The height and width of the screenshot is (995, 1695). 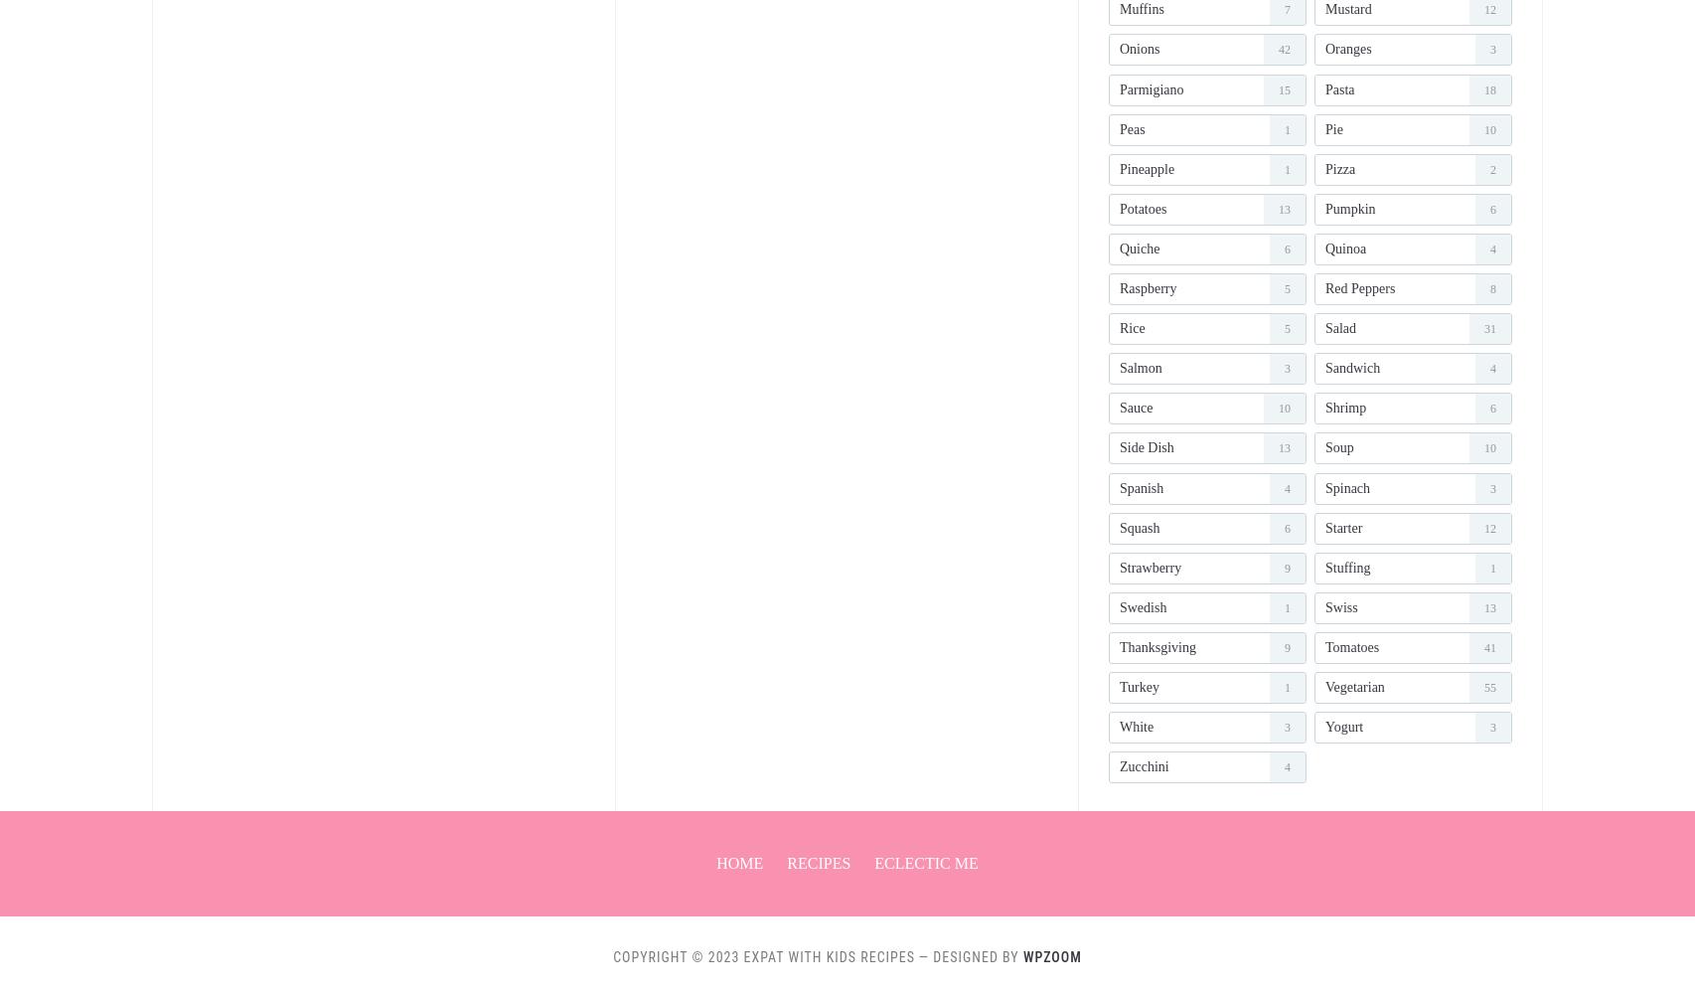 What do you see at coordinates (1150, 566) in the screenshot?
I see `'strawberry'` at bounding box center [1150, 566].